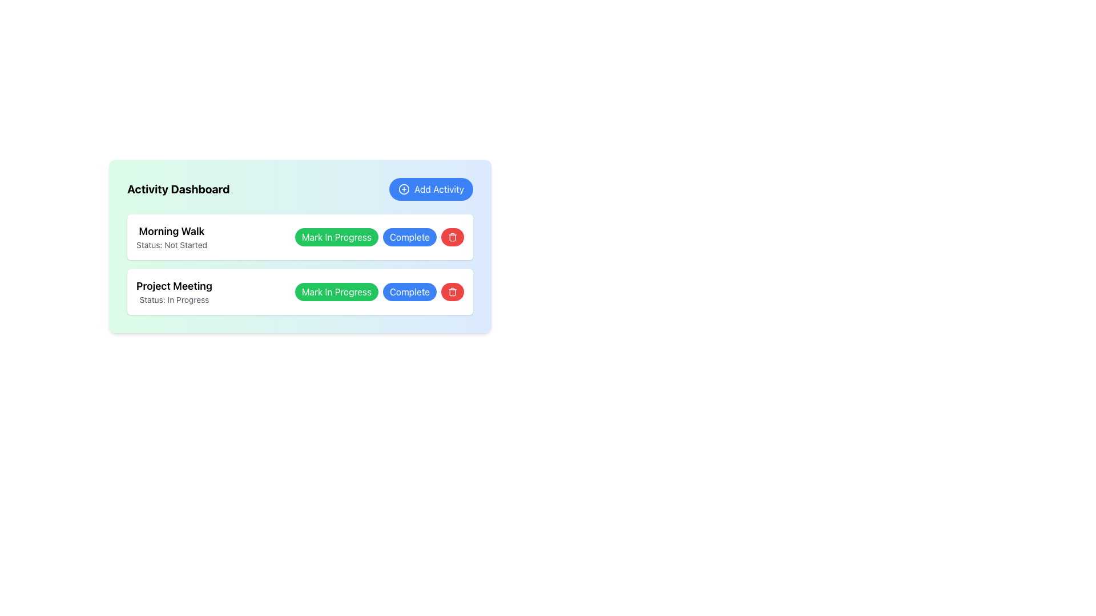 The image size is (1096, 616). Describe the element at coordinates (171, 237) in the screenshot. I see `the informational text block displaying 'Morning Walk' and 'Status: Not Started', located in the top card of the activity list` at that location.